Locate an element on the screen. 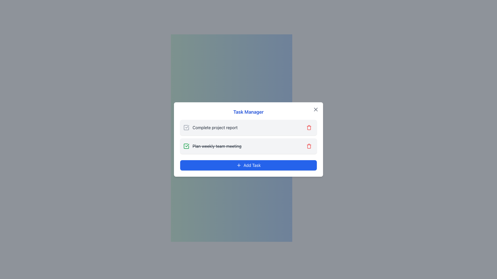 This screenshot has width=497, height=279. the close button located in the top-right corner of the 'Task Manager' popup to change its color is located at coordinates (315, 109).